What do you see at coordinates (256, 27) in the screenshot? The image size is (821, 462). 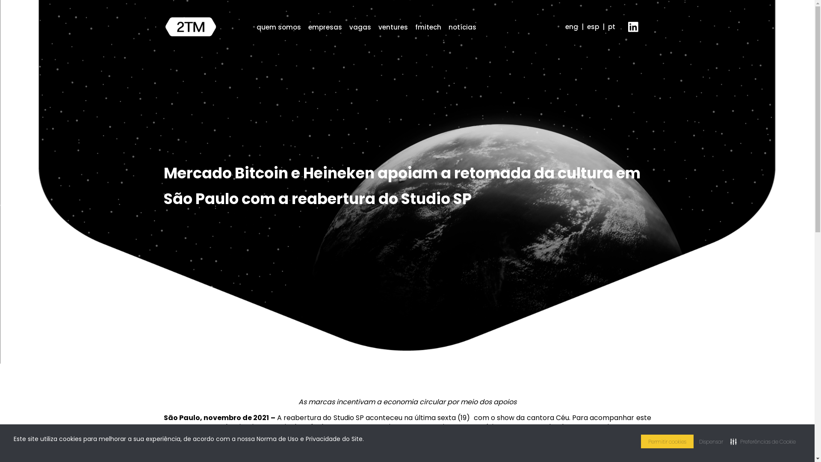 I see `'quem somos'` at bounding box center [256, 27].